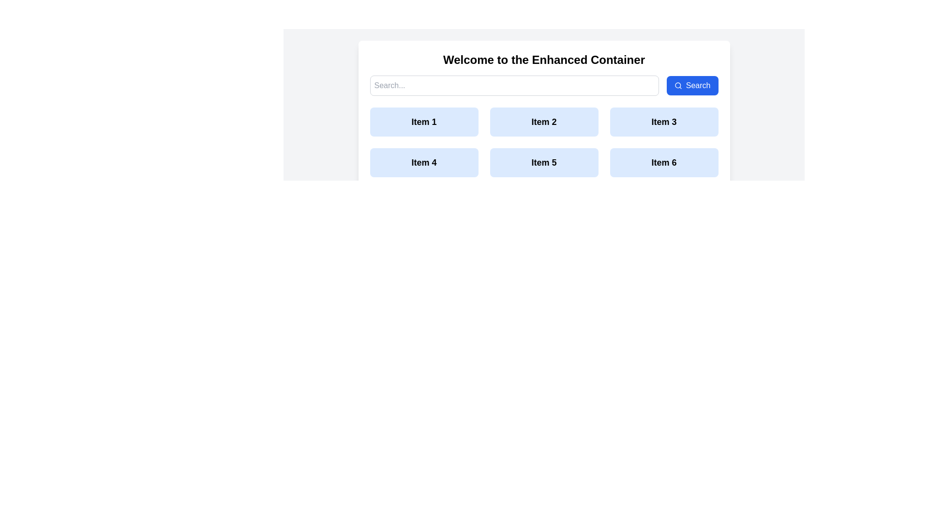  I want to click on the button associated with 'Item 6', so click(663, 162).